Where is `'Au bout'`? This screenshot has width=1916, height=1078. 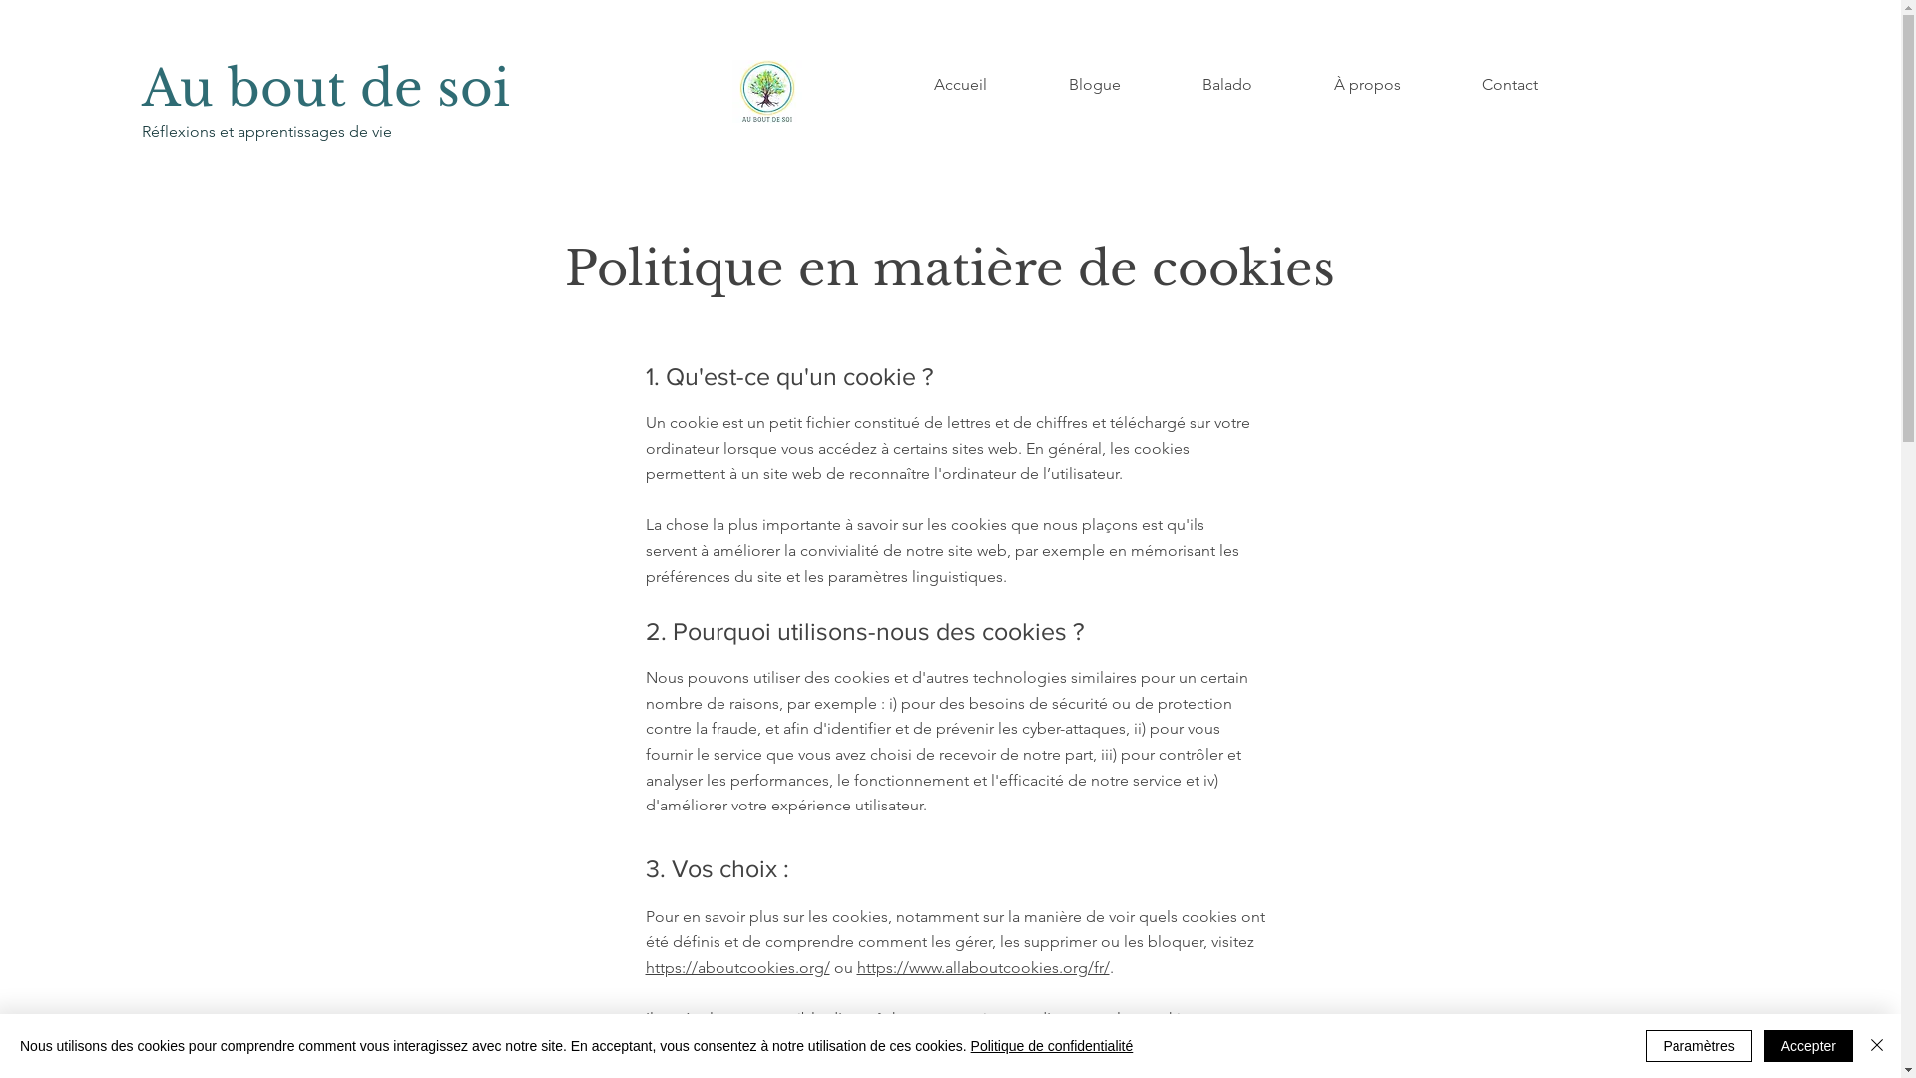
'Au bout' is located at coordinates (249, 87).